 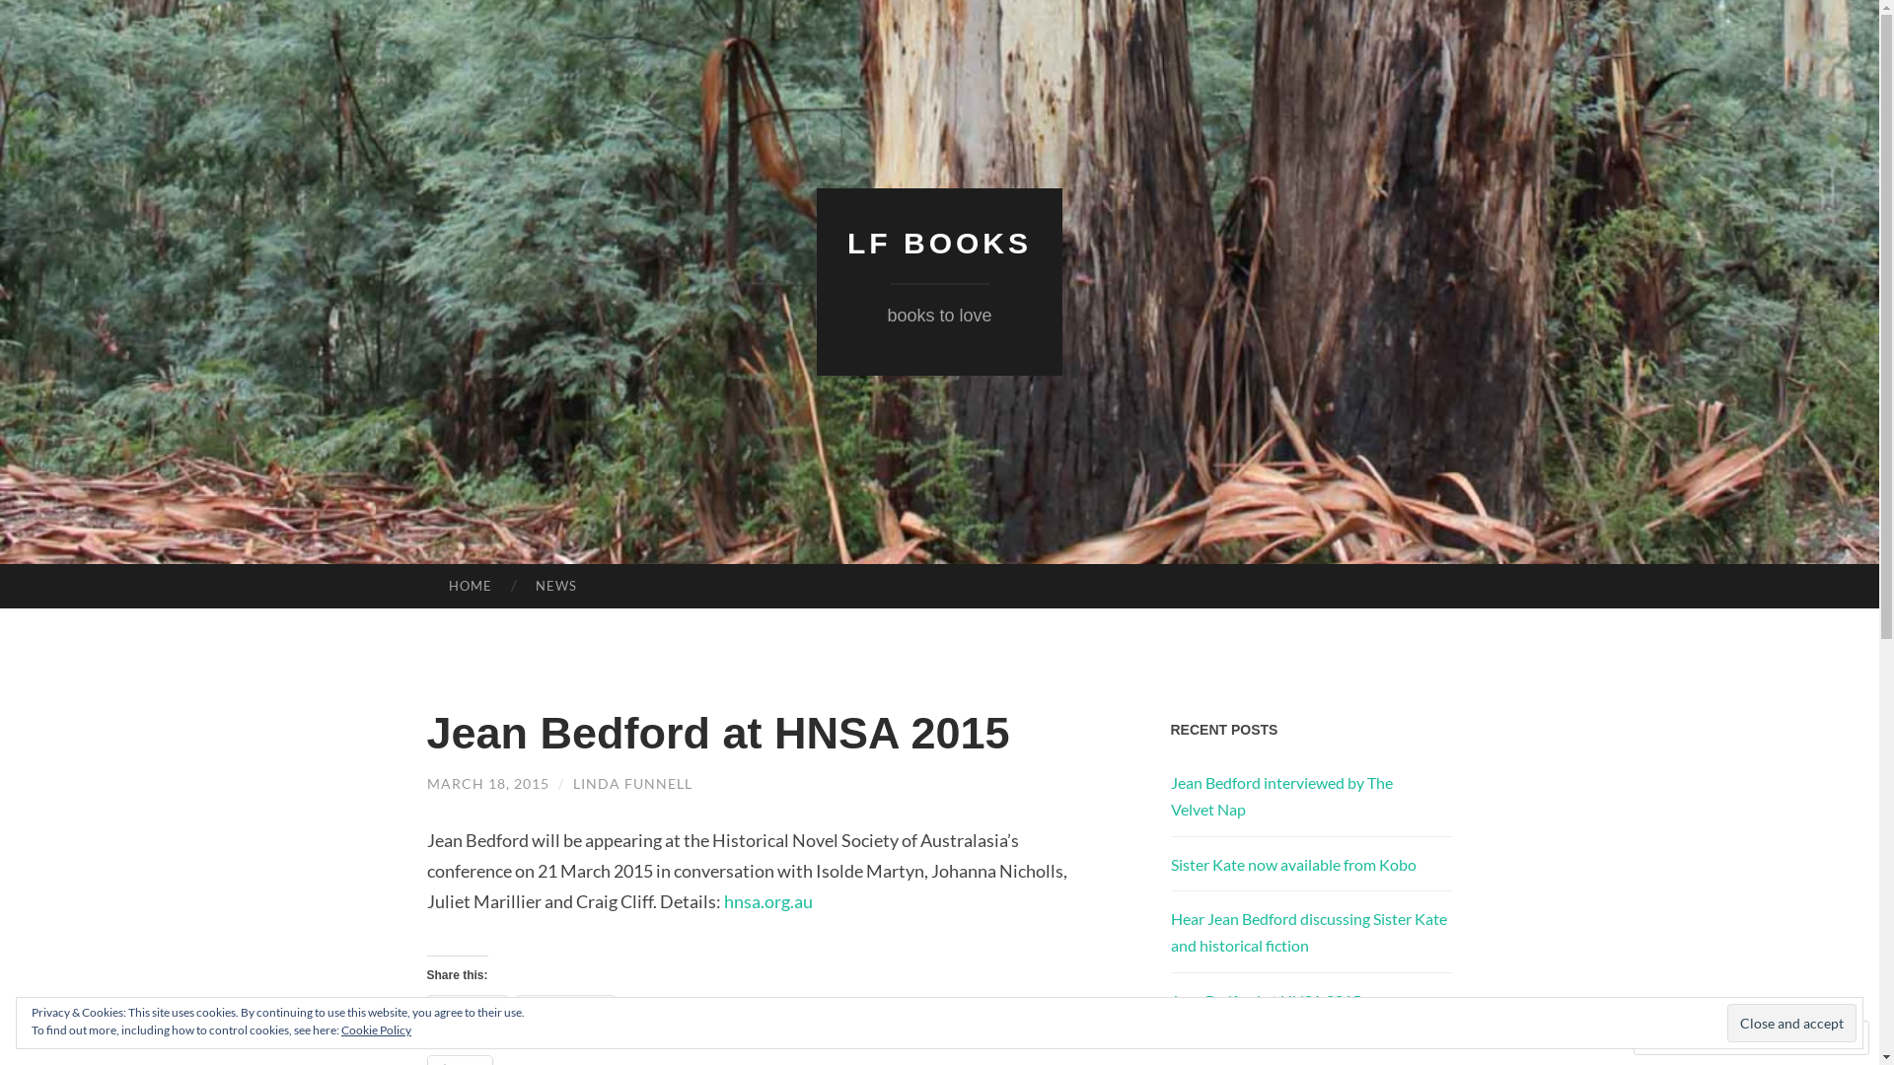 What do you see at coordinates (340, 1029) in the screenshot?
I see `'Cookie Policy'` at bounding box center [340, 1029].